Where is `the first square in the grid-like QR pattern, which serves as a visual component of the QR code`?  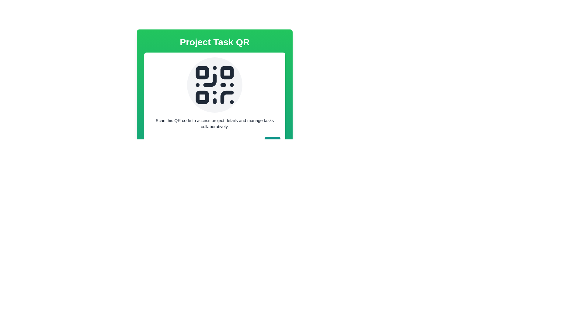
the first square in the grid-like QR pattern, which serves as a visual component of the QR code is located at coordinates (202, 72).